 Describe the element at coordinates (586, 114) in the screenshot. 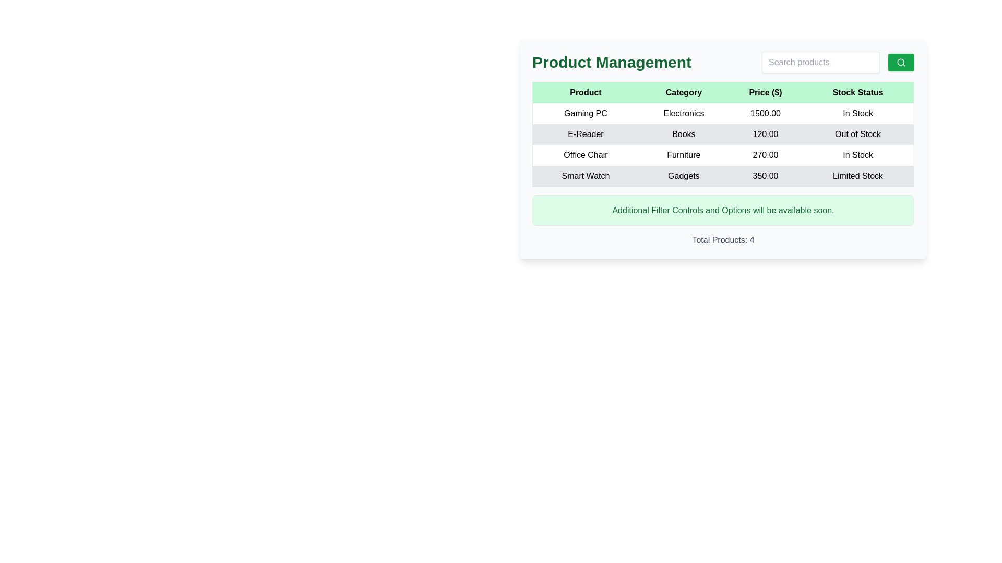

I see `the Text Label representing the product name in the first row of the product management table under the 'Product' column` at that location.